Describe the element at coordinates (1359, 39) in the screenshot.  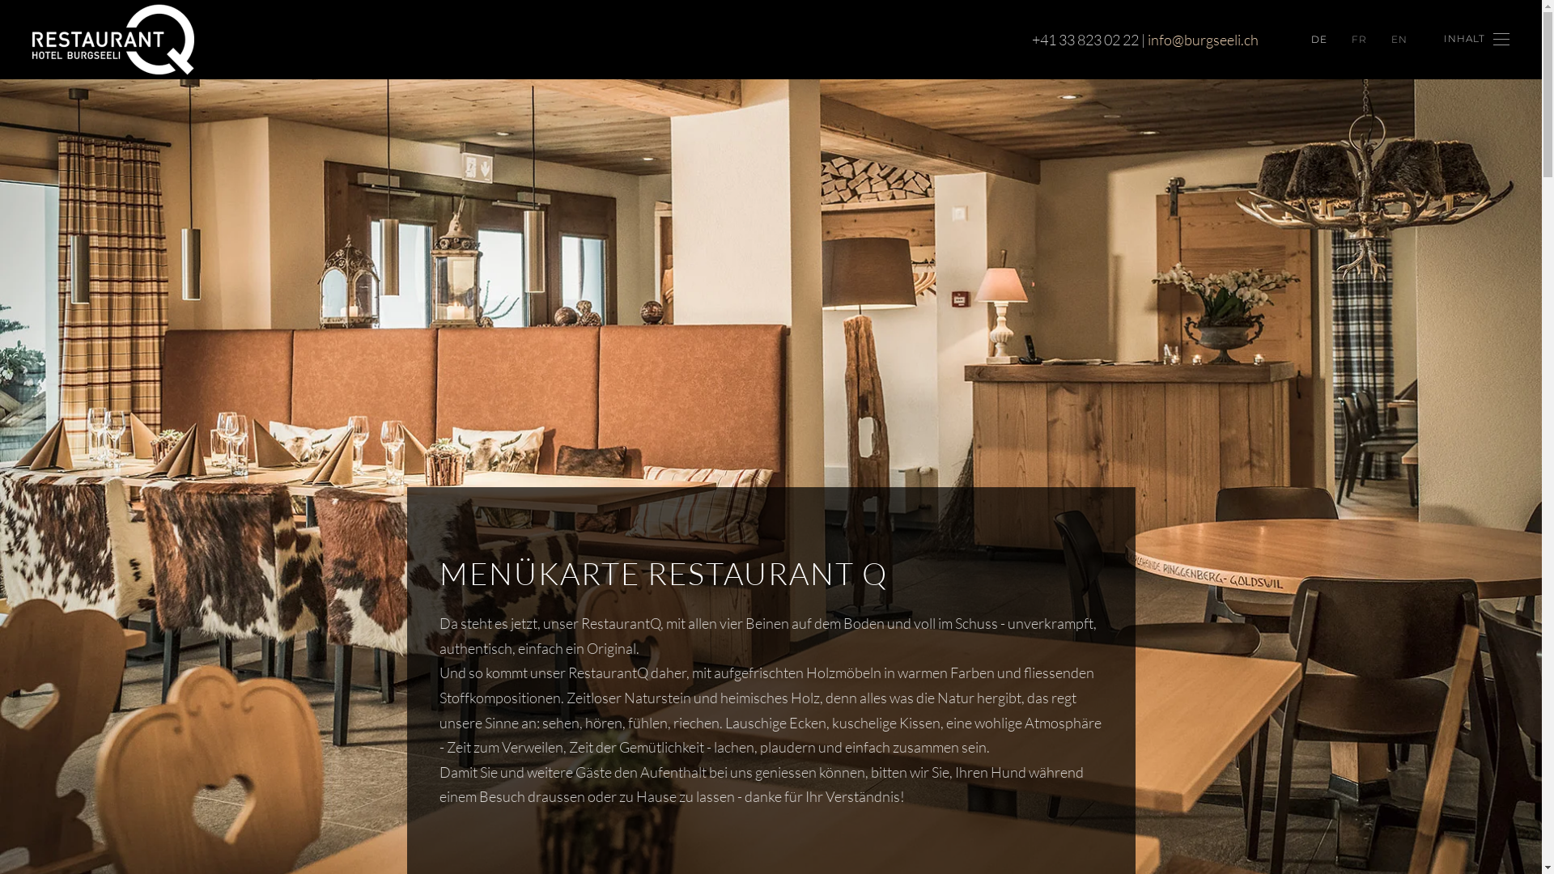
I see `'FR'` at that location.